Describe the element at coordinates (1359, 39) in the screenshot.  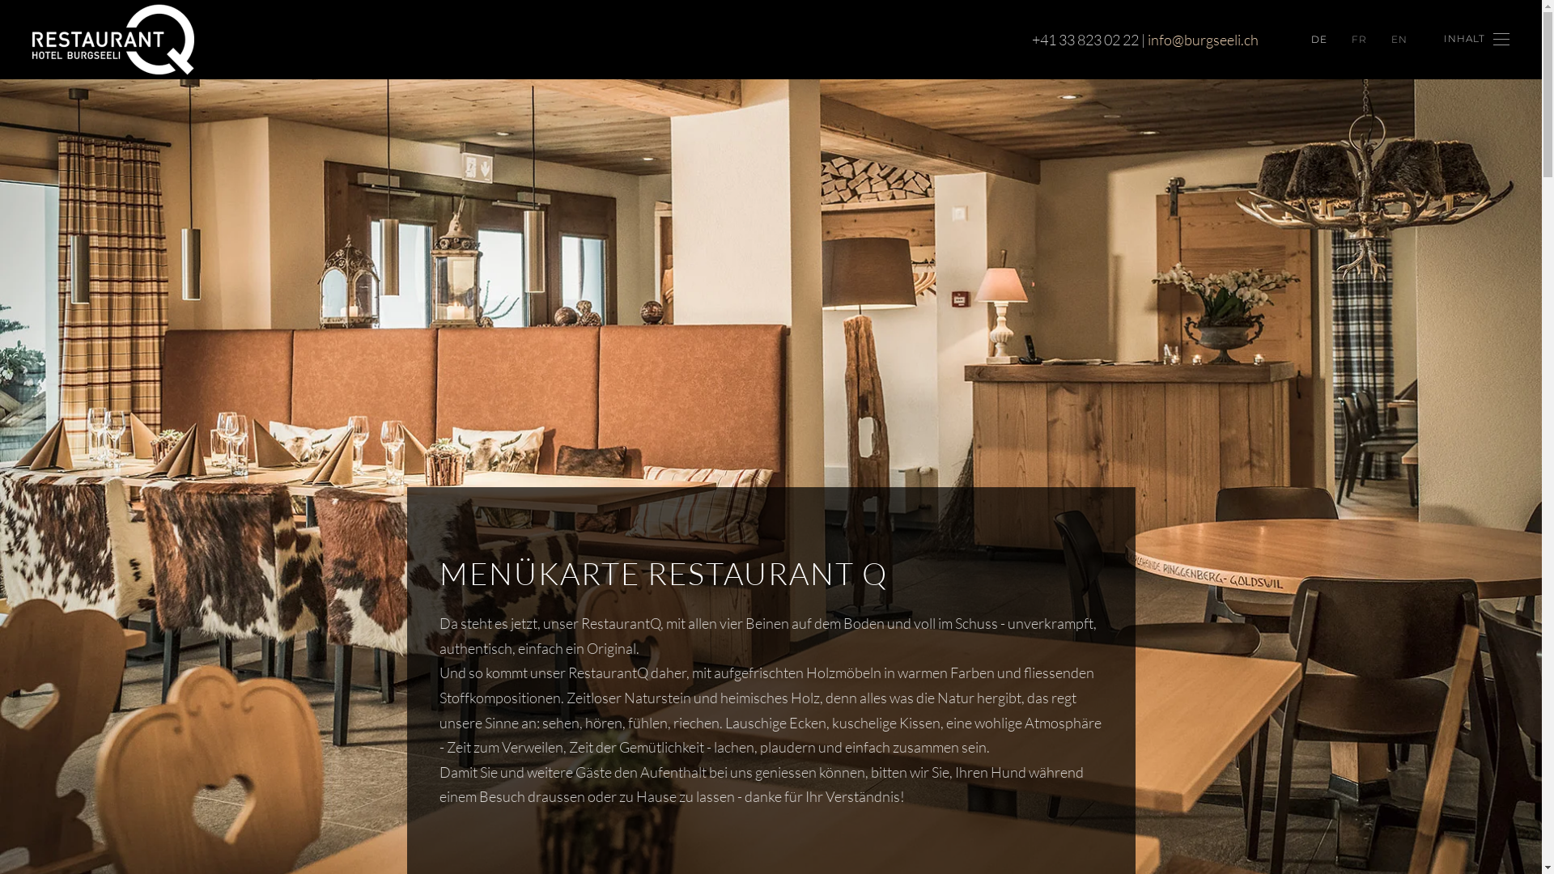
I see `'FR'` at that location.